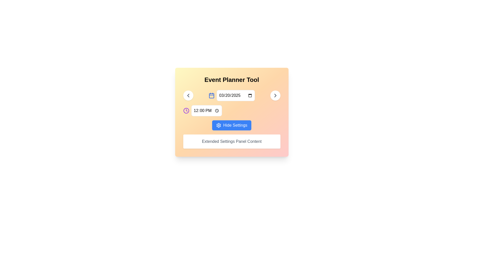 The height and width of the screenshot is (273, 486). I want to click on the left-pointing arrow button icon, which is styled gray on a light circular background, located on the left side of a widget for navigation or action, so click(188, 96).